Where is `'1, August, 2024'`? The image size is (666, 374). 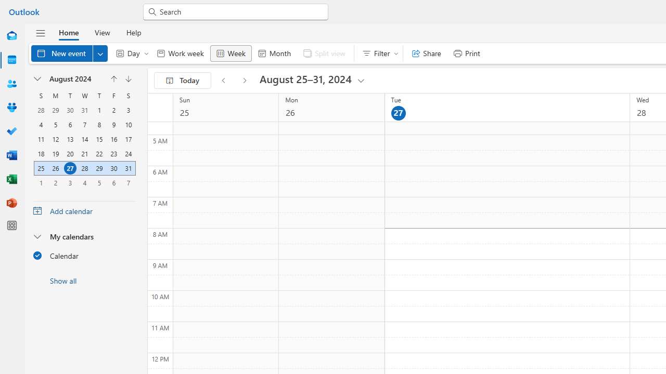 '1, August, 2024' is located at coordinates (99, 110).